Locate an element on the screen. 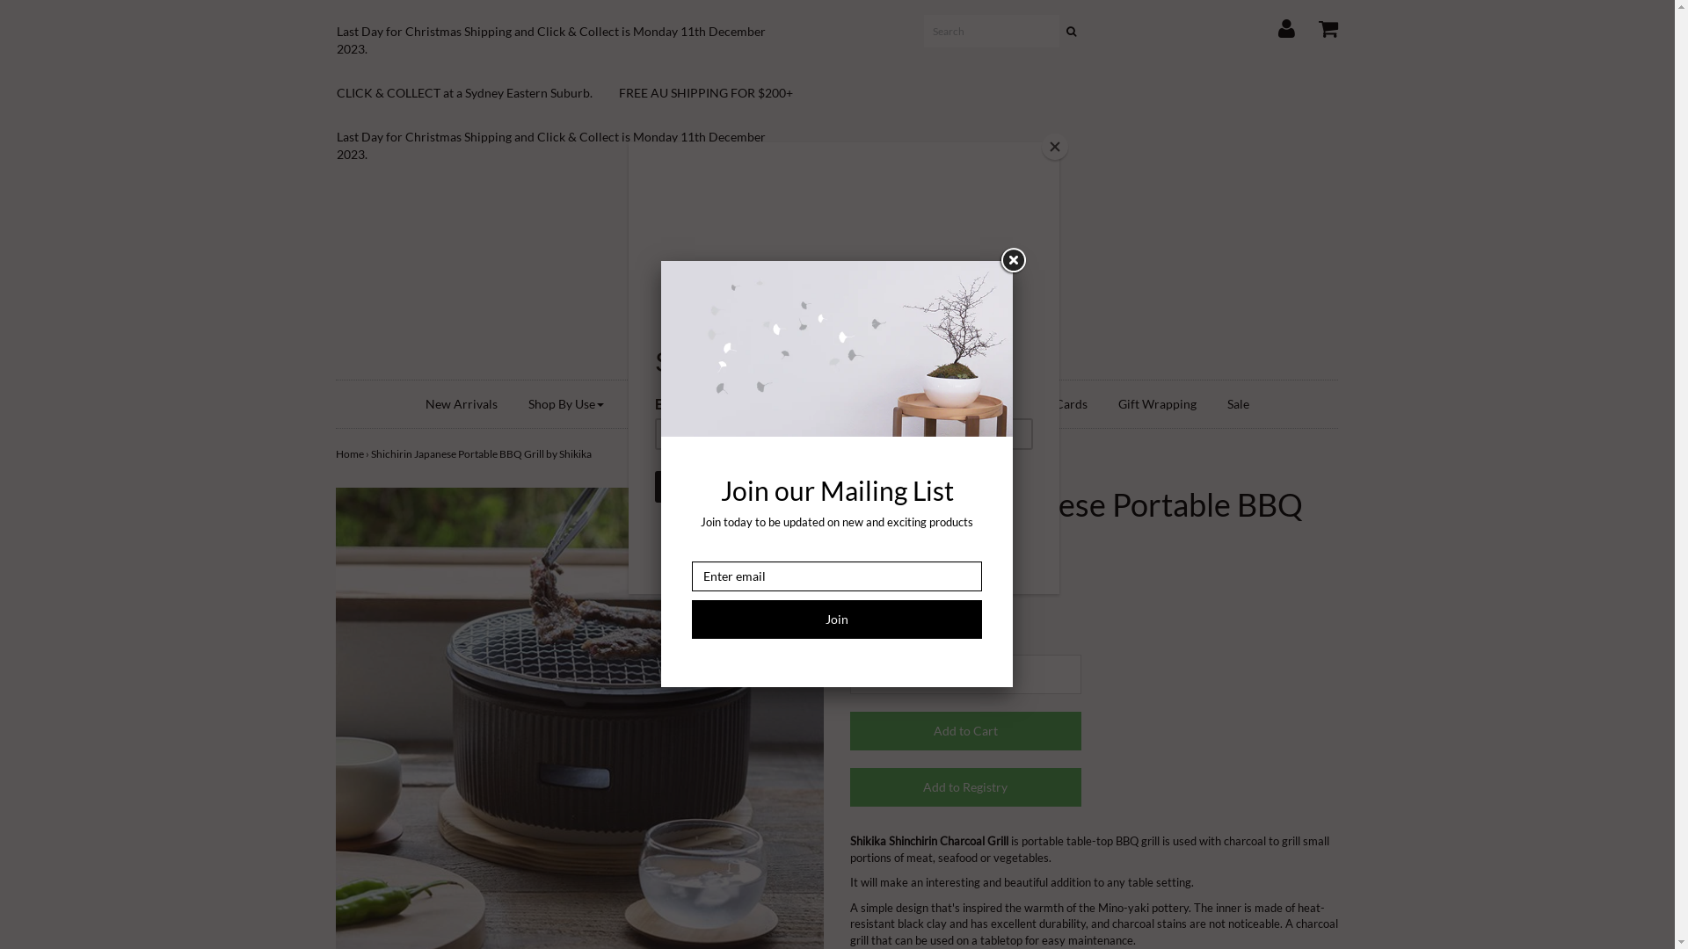 The height and width of the screenshot is (949, 1688). 'Your Cart' is located at coordinates (1317, 24).